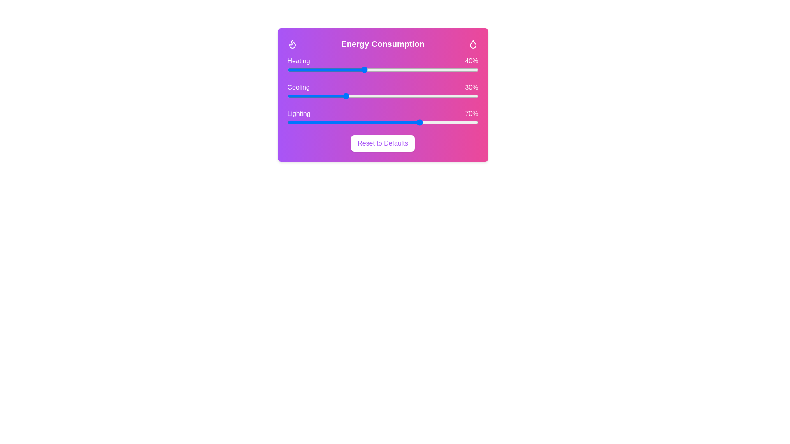 The width and height of the screenshot is (790, 444). I want to click on the 'Heating' slider to 62%, so click(406, 69).